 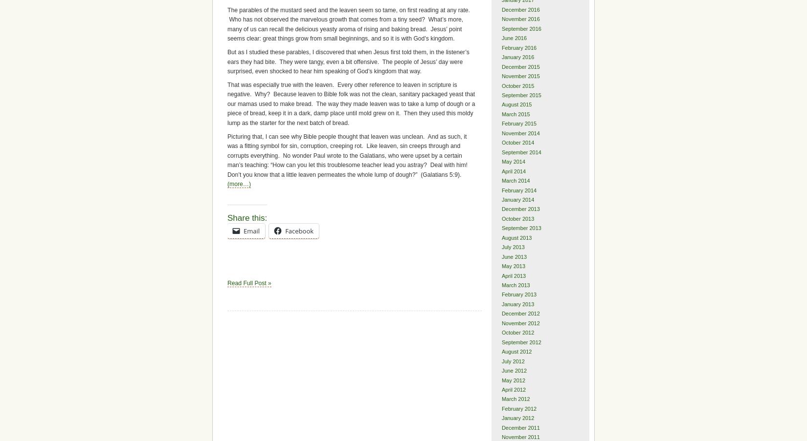 I want to click on 'November 2014', so click(x=520, y=132).